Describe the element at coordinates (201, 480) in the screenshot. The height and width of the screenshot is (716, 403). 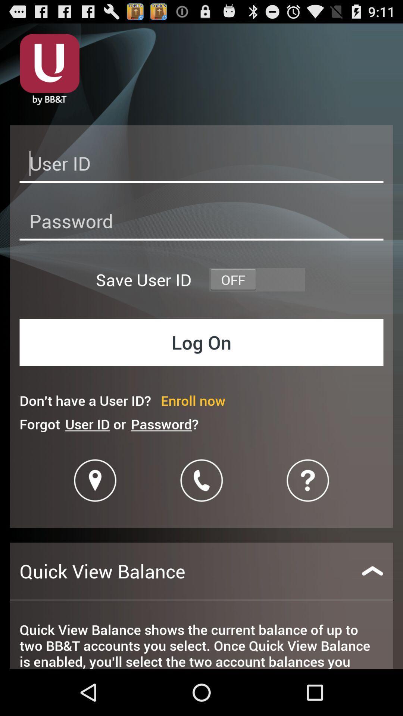
I see `the calling symbol which is after the location symbol` at that location.